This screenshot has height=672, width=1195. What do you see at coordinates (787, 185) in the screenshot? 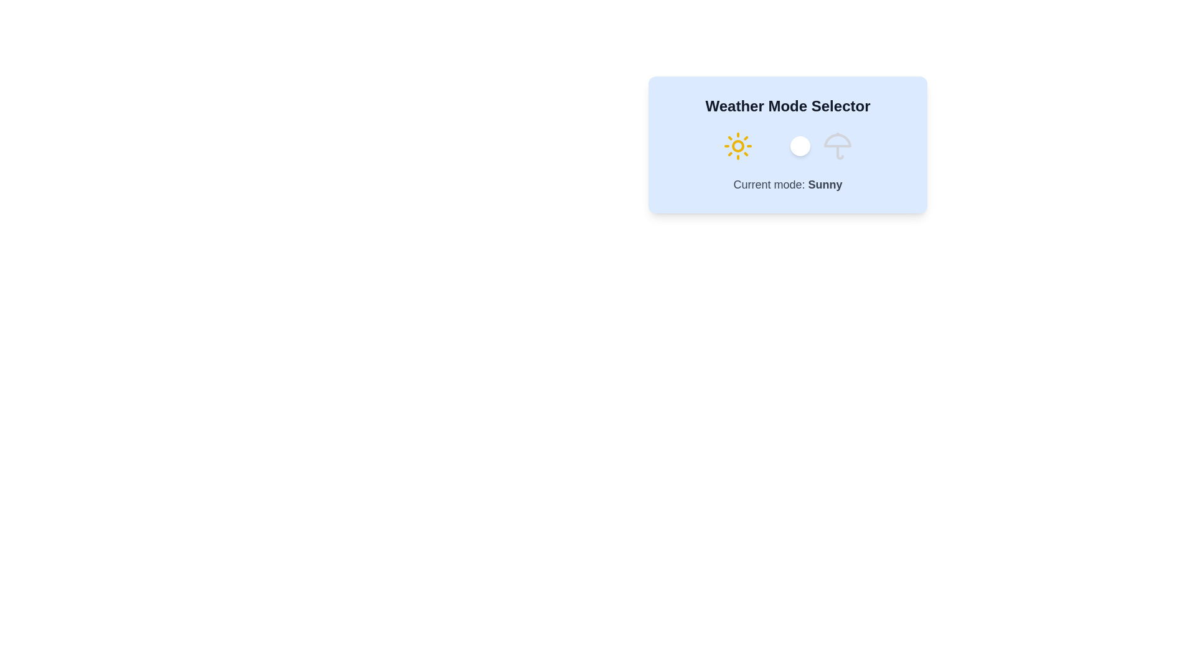
I see `static text label displaying 'Current mode: Sunny', which is centrally aligned within the 'Weather Mode Selector' panel` at bounding box center [787, 185].